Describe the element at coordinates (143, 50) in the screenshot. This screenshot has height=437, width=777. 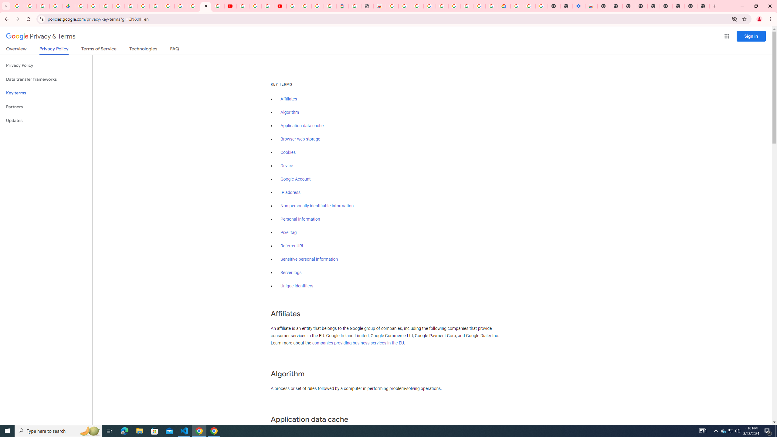
I see `'Technologies'` at that location.